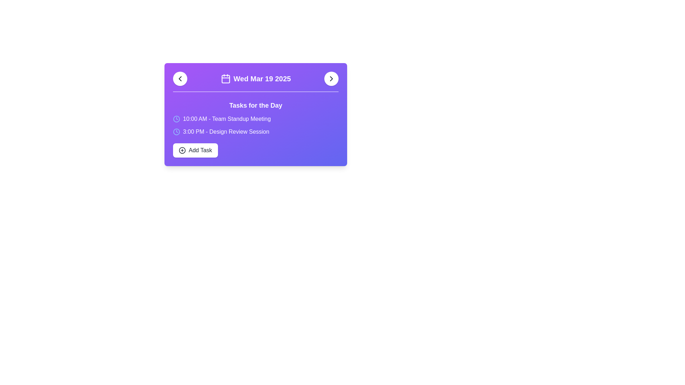  I want to click on the 'Add Task' button, which contains a circular plus icon on its left side, to initiate adding a new task, so click(182, 150).